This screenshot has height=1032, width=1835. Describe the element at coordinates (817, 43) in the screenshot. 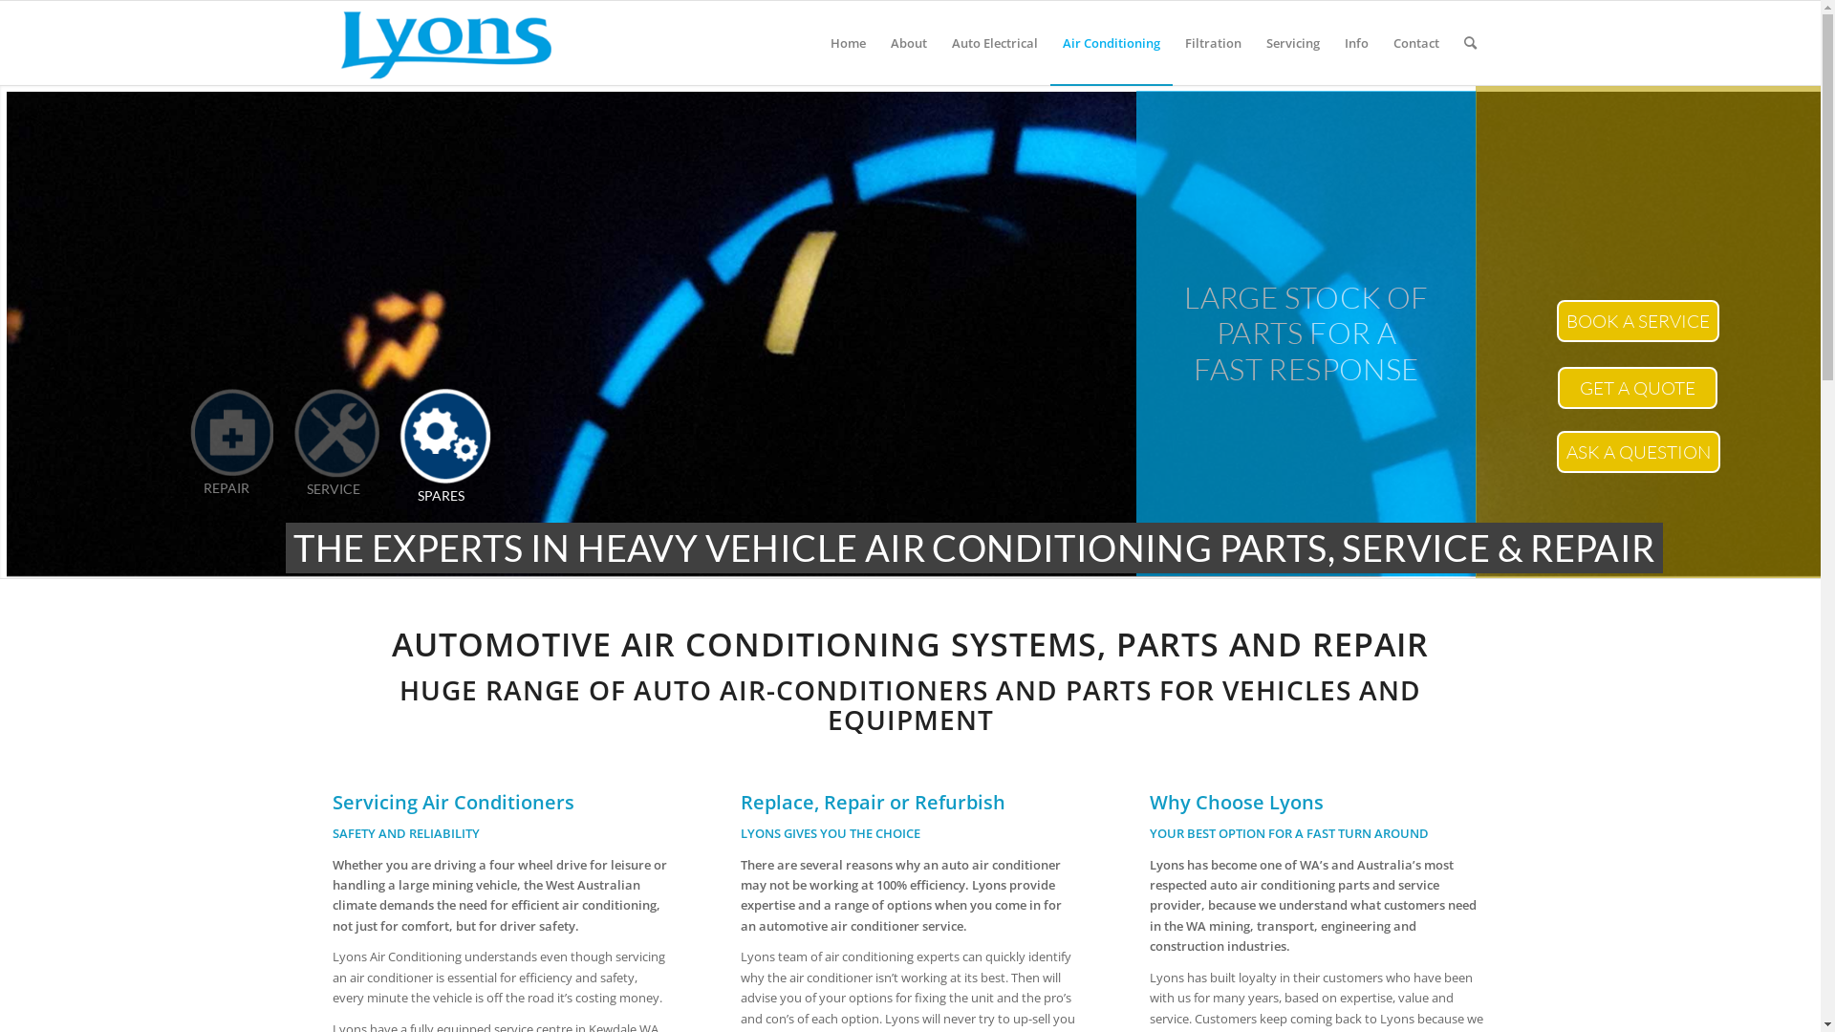

I see `'Home'` at that location.